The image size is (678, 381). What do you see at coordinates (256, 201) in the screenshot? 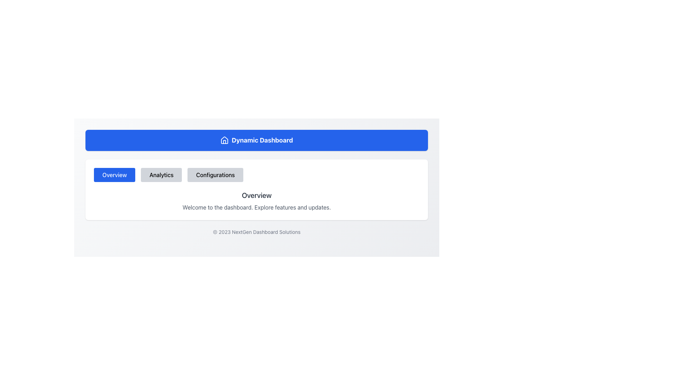
I see `the Text Section displaying 'Overview' and its descriptive text 'Welcome to the dashboard. Explore features and updates.'` at bounding box center [256, 201].